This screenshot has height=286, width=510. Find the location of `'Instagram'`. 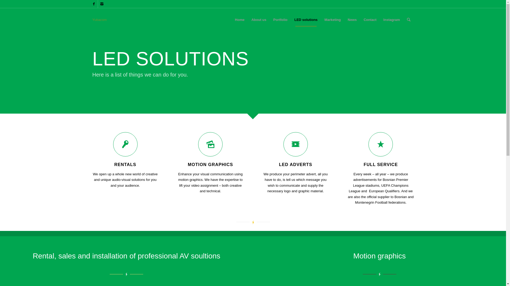

'Instagram' is located at coordinates (98, 4).